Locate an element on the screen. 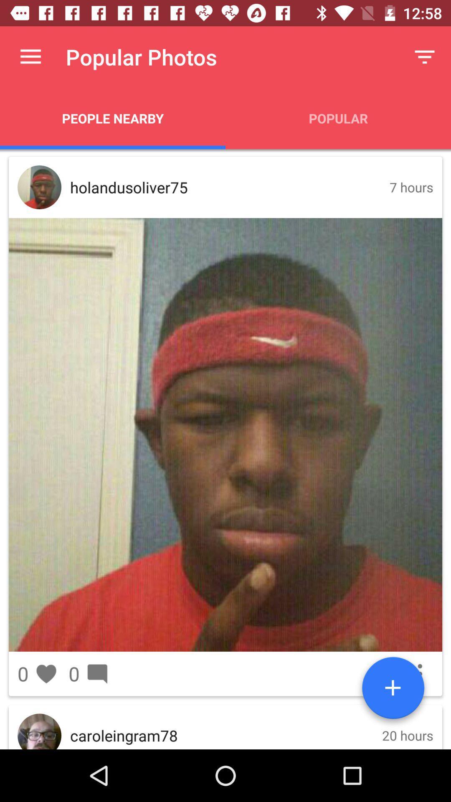 Image resolution: width=451 pixels, height=802 pixels. the add icon is located at coordinates (393, 691).